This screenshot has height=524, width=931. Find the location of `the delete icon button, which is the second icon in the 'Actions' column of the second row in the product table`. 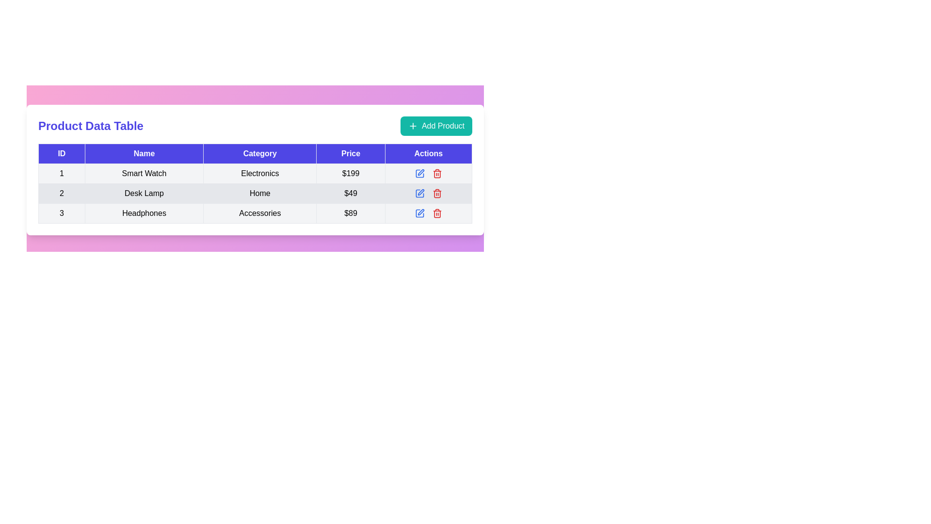

the delete icon button, which is the second icon in the 'Actions' column of the second row in the product table is located at coordinates (436, 193).